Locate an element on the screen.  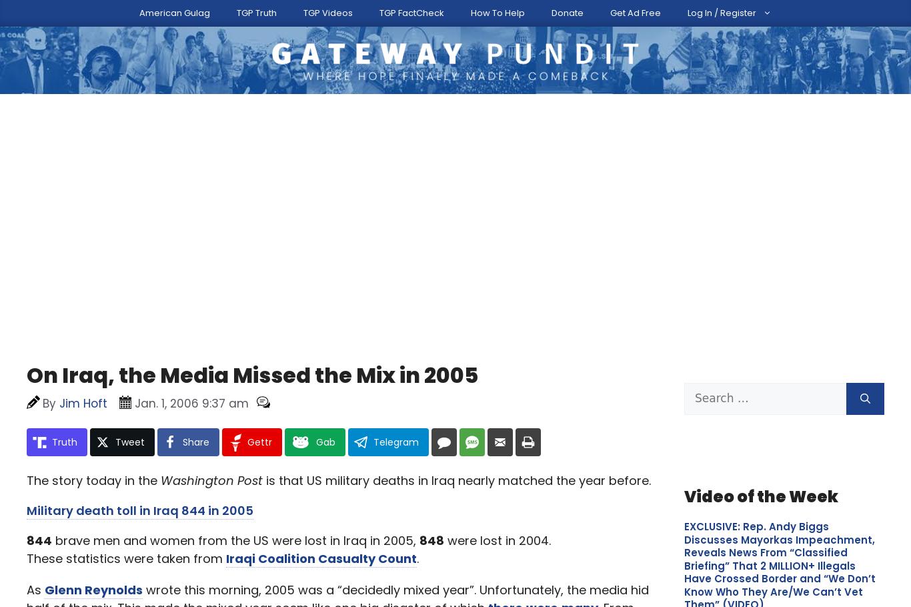
'Mind in the Qatar' is located at coordinates (27, 179).